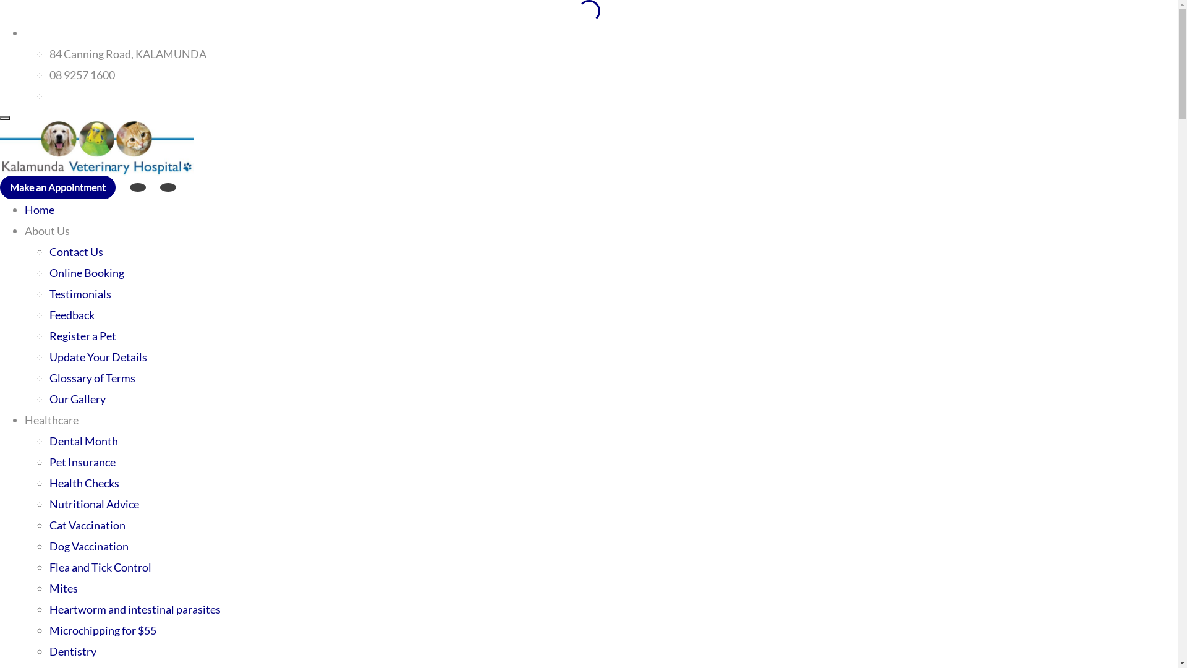 The height and width of the screenshot is (668, 1187). Describe the element at coordinates (93, 503) in the screenshot. I see `'Nutritional Advice'` at that location.